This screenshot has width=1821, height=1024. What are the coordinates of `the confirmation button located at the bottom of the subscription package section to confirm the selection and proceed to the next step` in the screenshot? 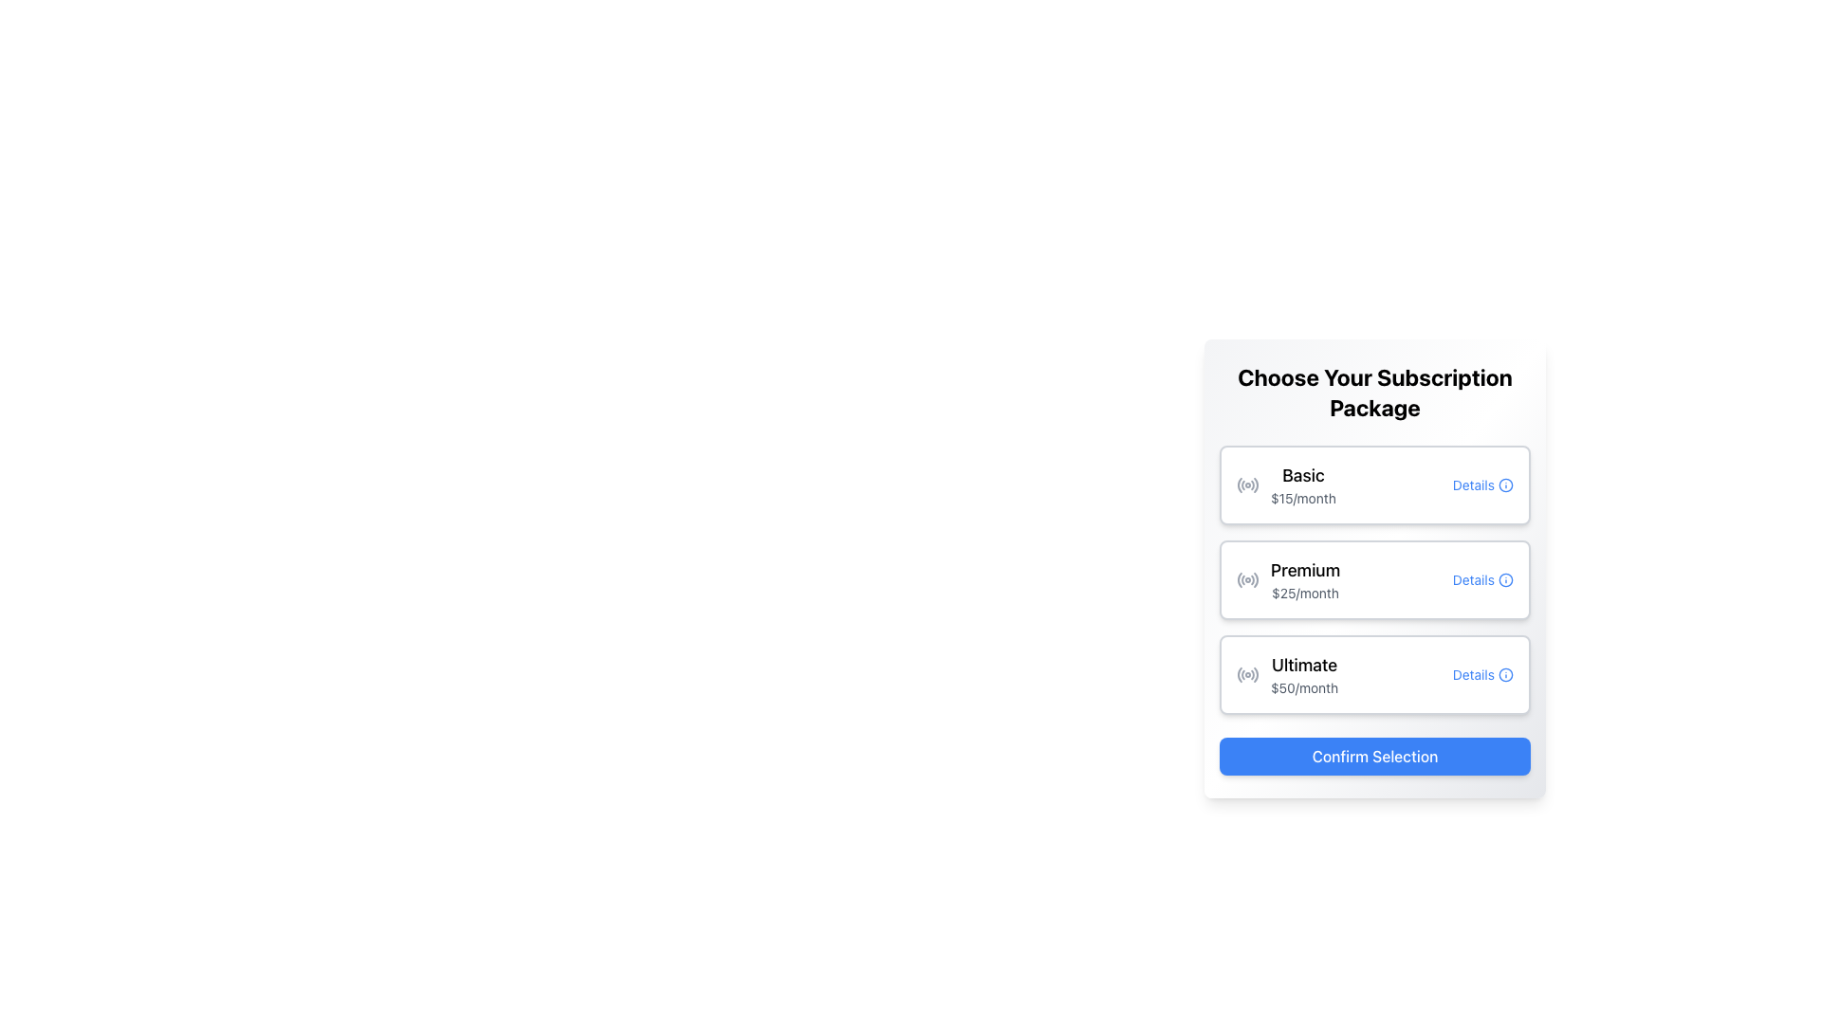 It's located at (1374, 756).